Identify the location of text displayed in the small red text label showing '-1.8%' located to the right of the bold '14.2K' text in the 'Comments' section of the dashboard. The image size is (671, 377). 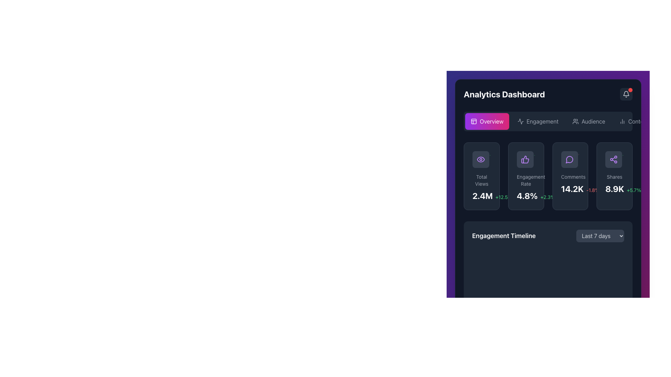
(592, 190).